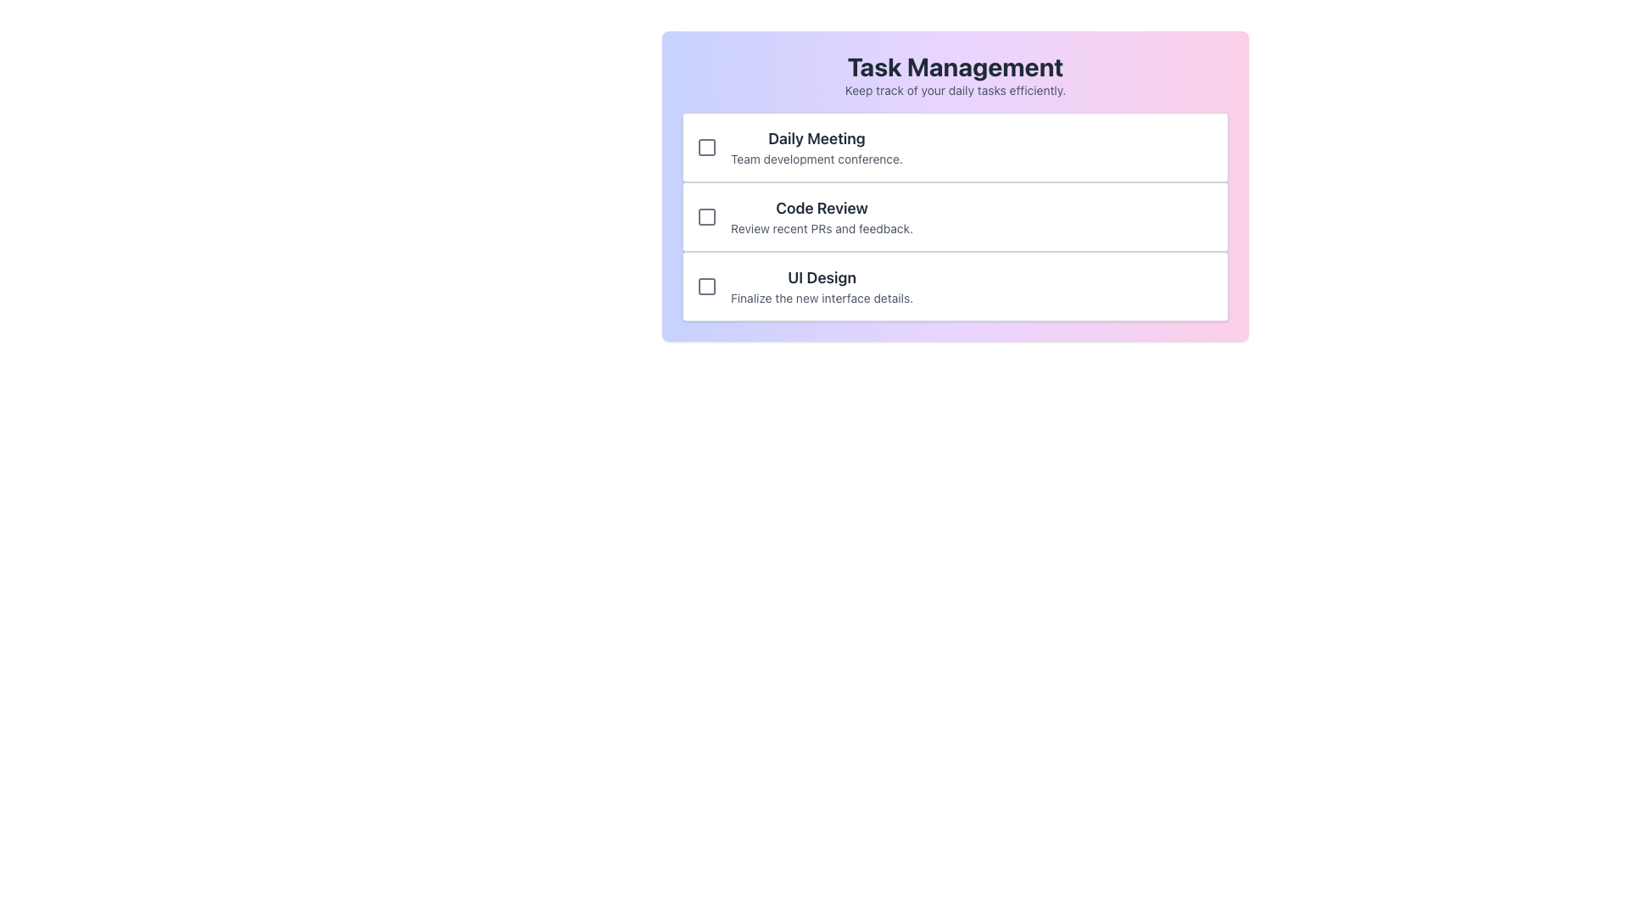 The image size is (1628, 916). I want to click on the title header text label for the second item in the task list under 'Task Management', which identifies the task as 'Review recent PRs and feedback.', so click(822, 208).